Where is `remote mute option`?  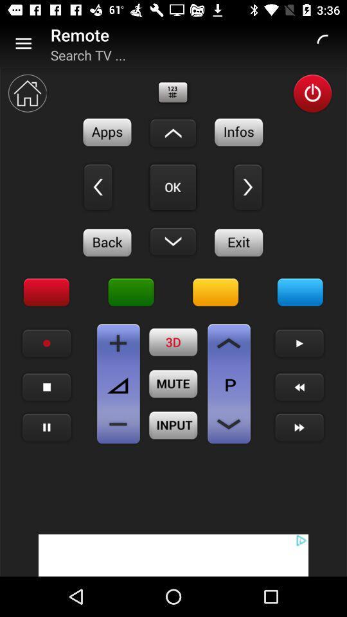 remote mute option is located at coordinates (173, 384).